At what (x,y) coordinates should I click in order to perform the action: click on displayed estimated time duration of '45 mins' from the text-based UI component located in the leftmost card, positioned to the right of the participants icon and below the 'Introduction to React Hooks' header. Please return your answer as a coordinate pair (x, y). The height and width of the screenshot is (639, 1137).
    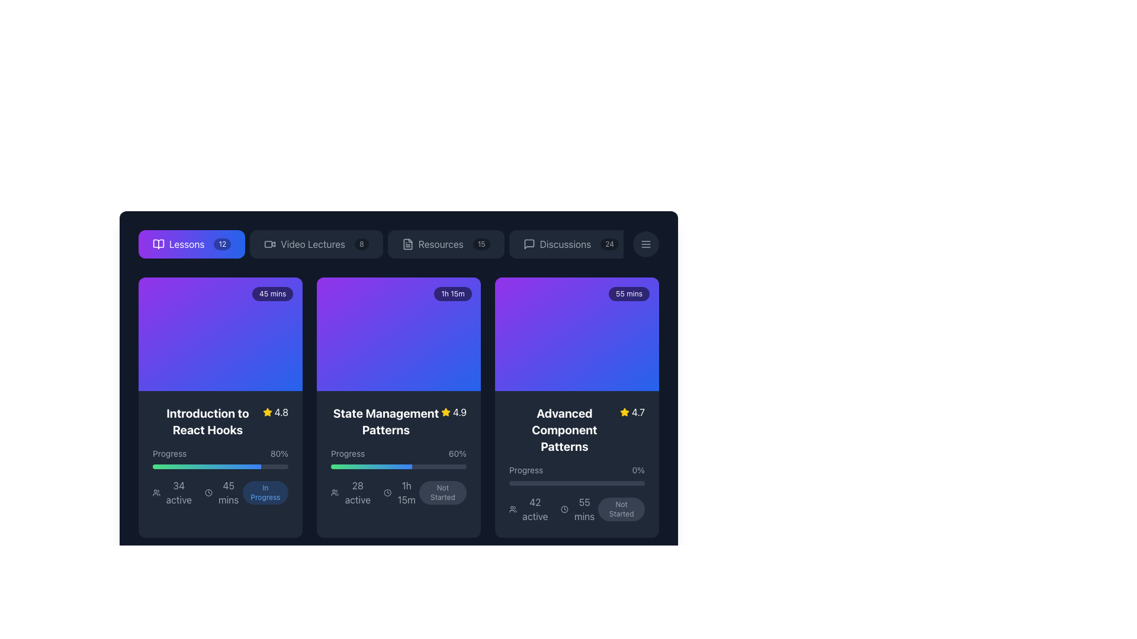
    Looking at the image, I should click on (223, 493).